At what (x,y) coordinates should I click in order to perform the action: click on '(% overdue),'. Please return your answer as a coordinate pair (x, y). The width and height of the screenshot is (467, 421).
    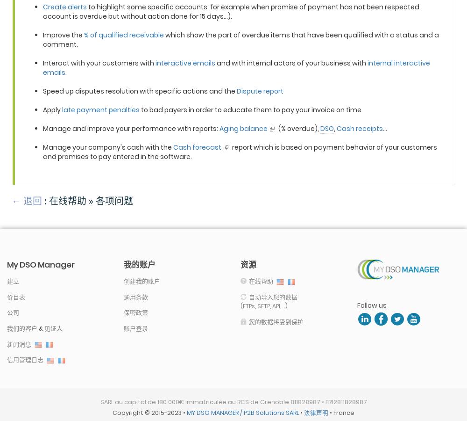
    Looking at the image, I should click on (298, 127).